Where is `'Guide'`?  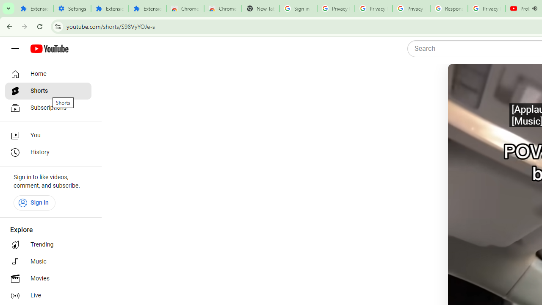
'Guide' is located at coordinates (15, 49).